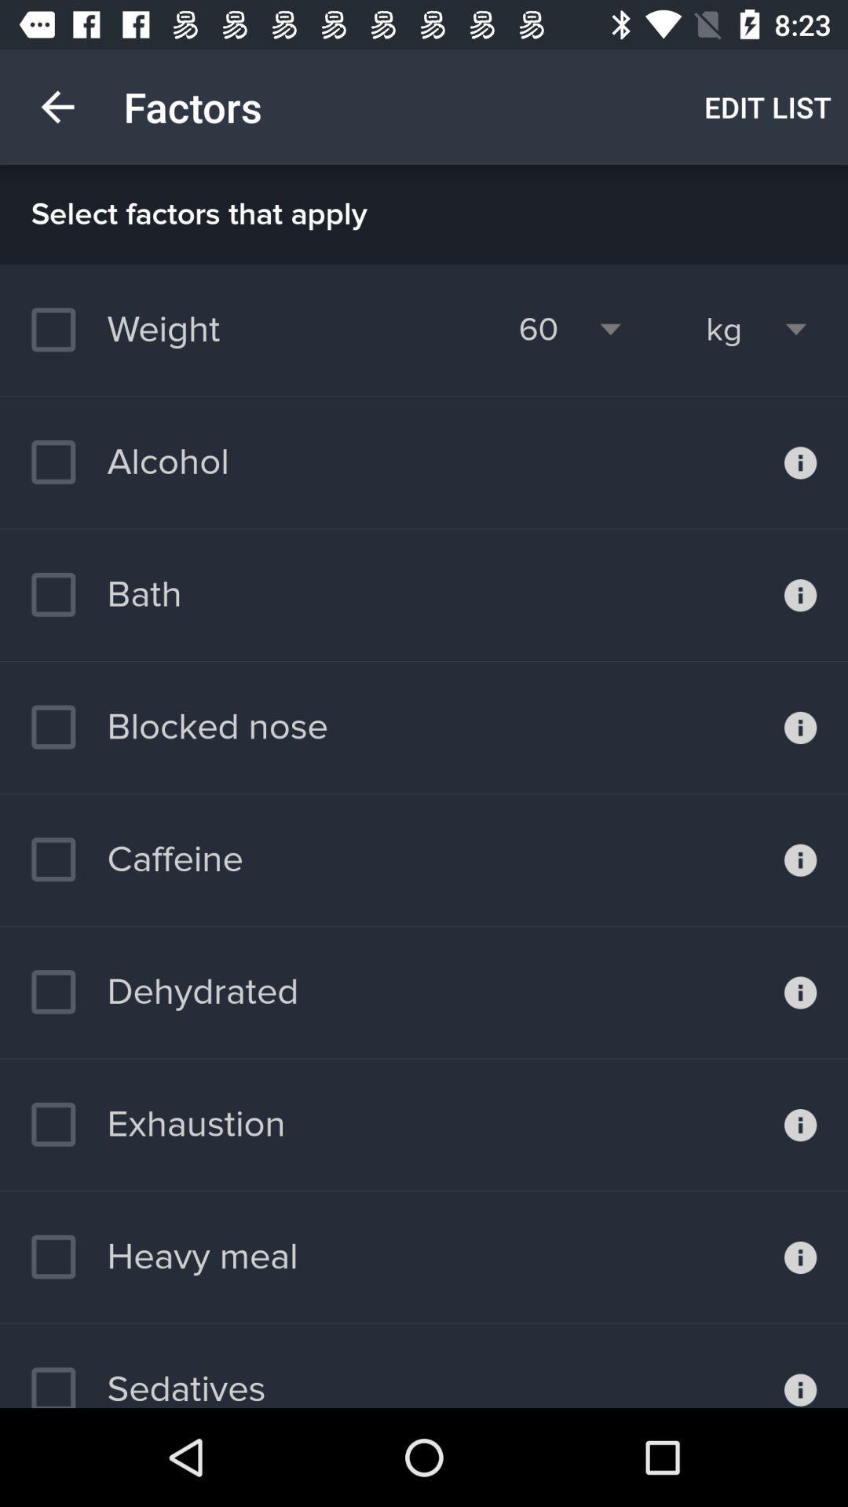 The height and width of the screenshot is (1507, 848). I want to click on information, so click(800, 1365).